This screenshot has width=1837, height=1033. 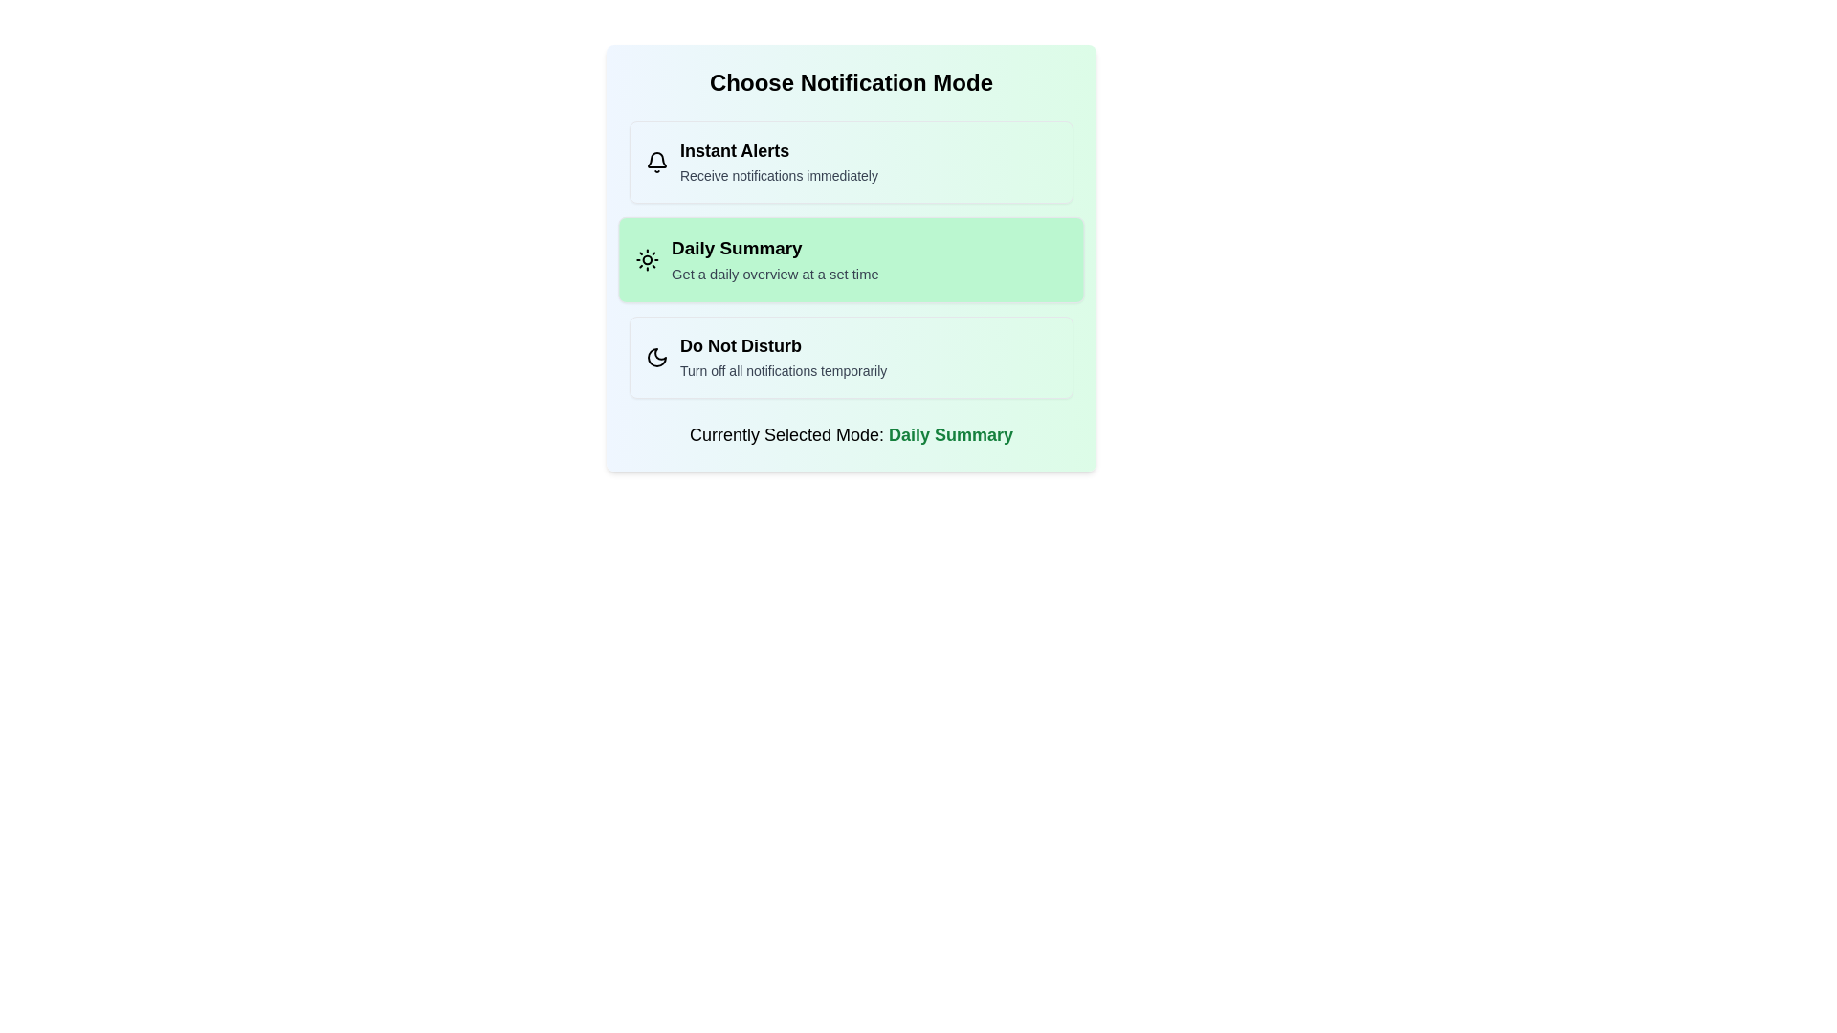 I want to click on the third selectable option for configuring a notification mode, so click(x=850, y=358).